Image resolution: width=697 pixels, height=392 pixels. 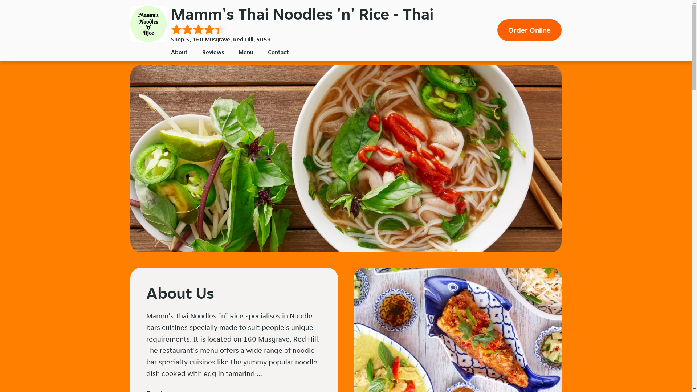 What do you see at coordinates (278, 52) in the screenshot?
I see `'Contact'` at bounding box center [278, 52].